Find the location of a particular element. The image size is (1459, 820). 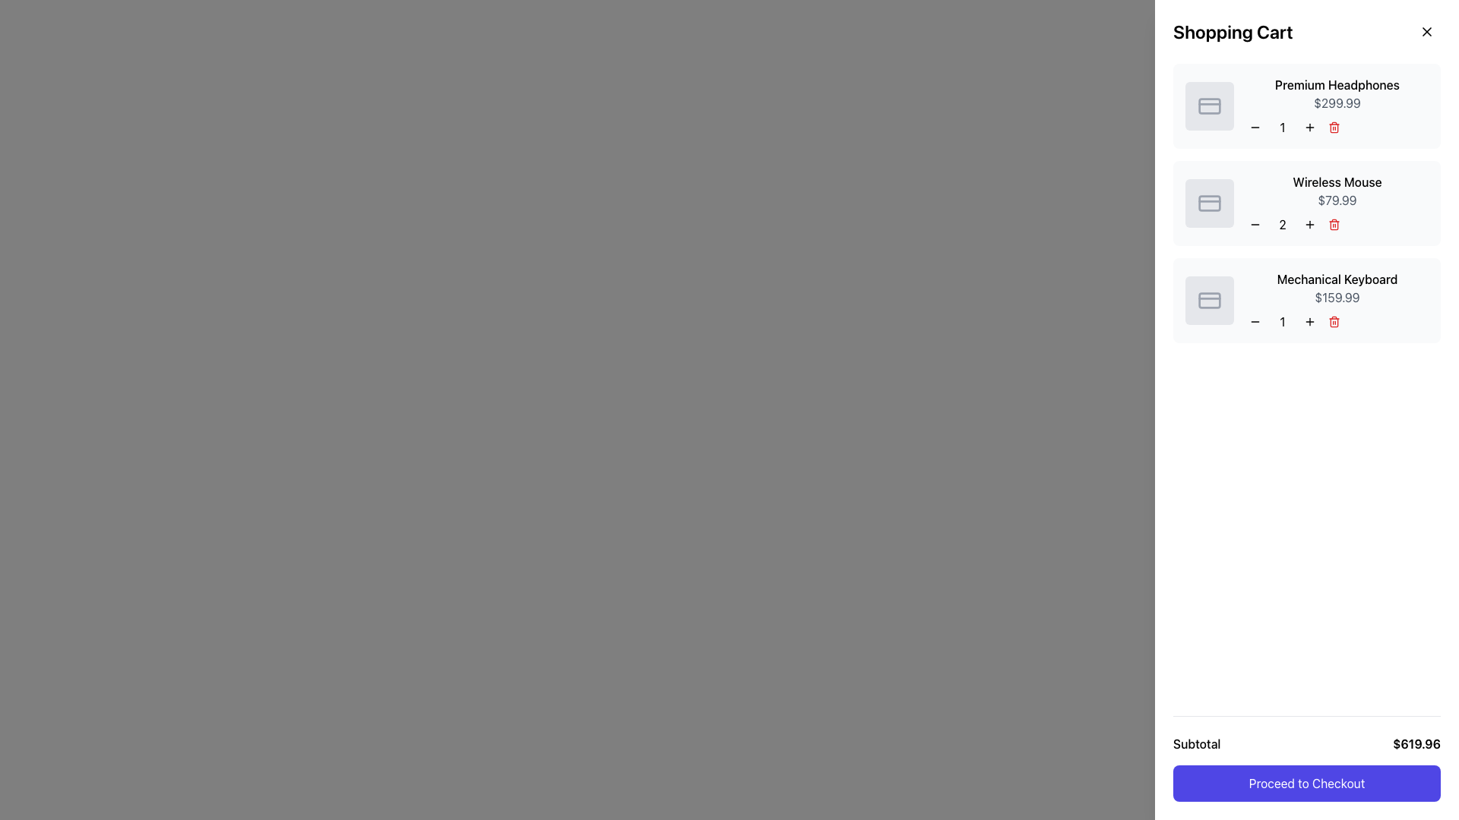

the small plus icon button located to the right of the quantity indicator for 'Premium Headphones' in the cart list to increase the quantity is located at coordinates (1309, 127).